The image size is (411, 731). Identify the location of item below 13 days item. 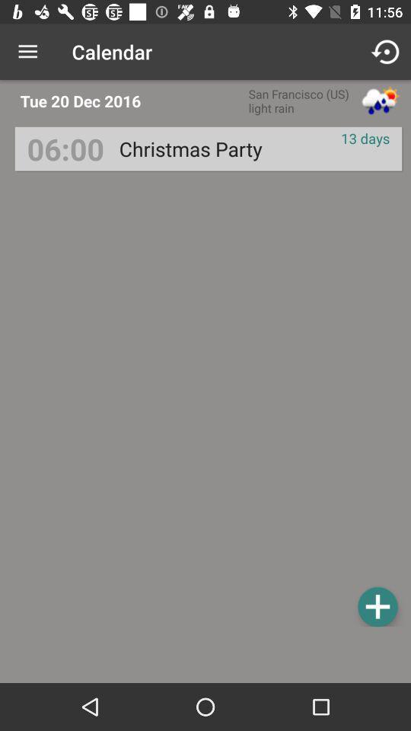
(377, 606).